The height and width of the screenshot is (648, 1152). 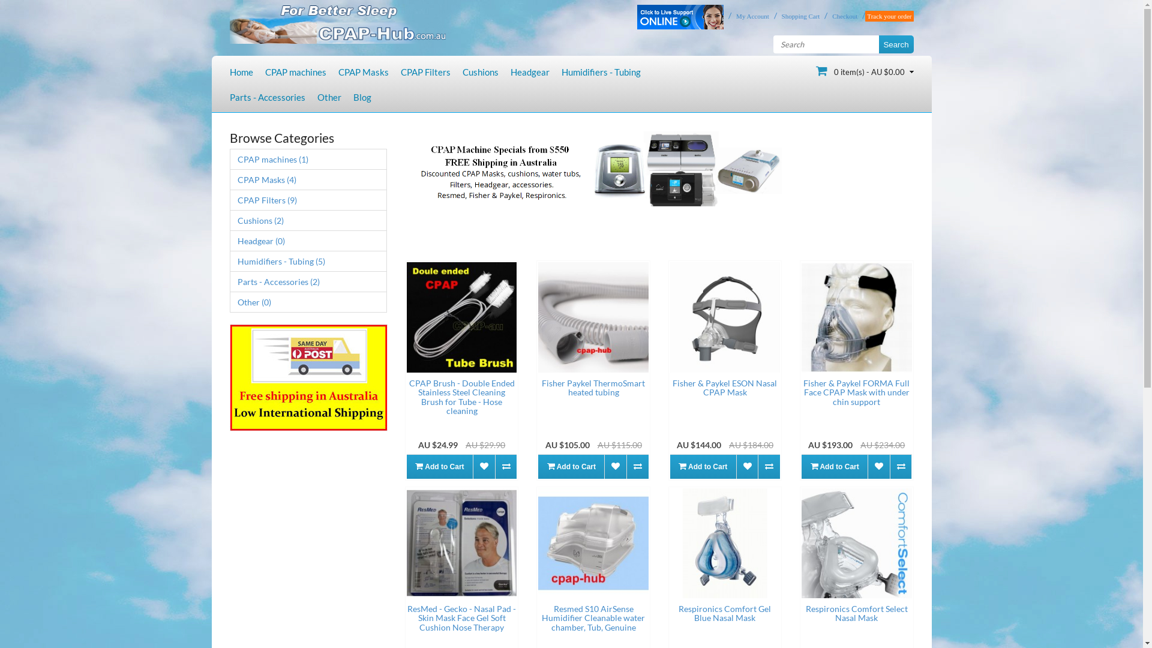 I want to click on 'Headgear', so click(x=529, y=71).